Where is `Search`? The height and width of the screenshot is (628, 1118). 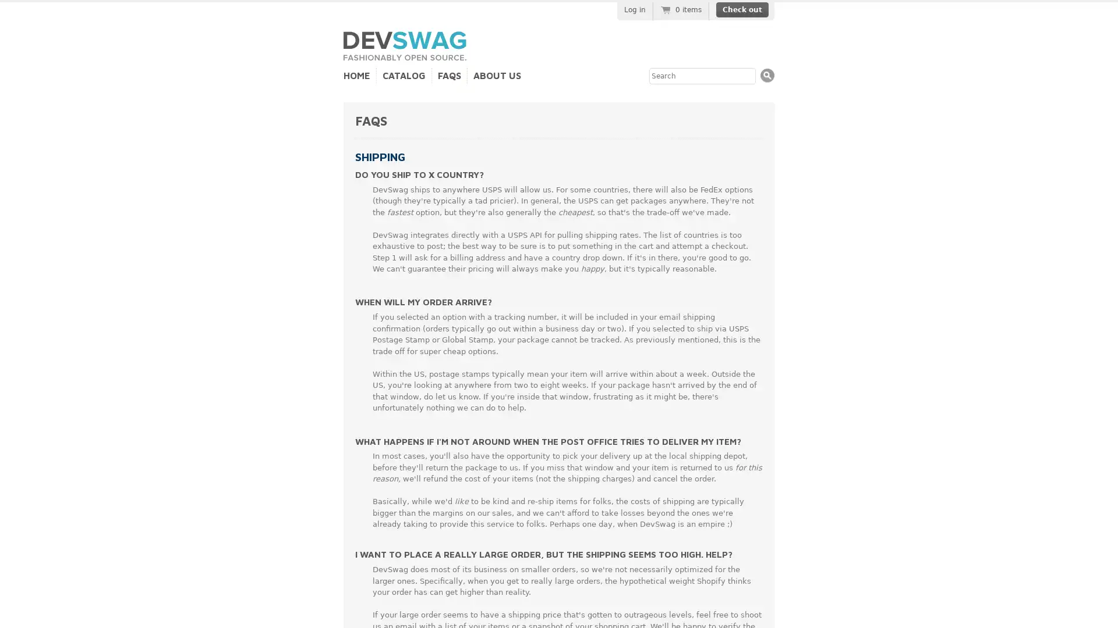 Search is located at coordinates (767, 75).